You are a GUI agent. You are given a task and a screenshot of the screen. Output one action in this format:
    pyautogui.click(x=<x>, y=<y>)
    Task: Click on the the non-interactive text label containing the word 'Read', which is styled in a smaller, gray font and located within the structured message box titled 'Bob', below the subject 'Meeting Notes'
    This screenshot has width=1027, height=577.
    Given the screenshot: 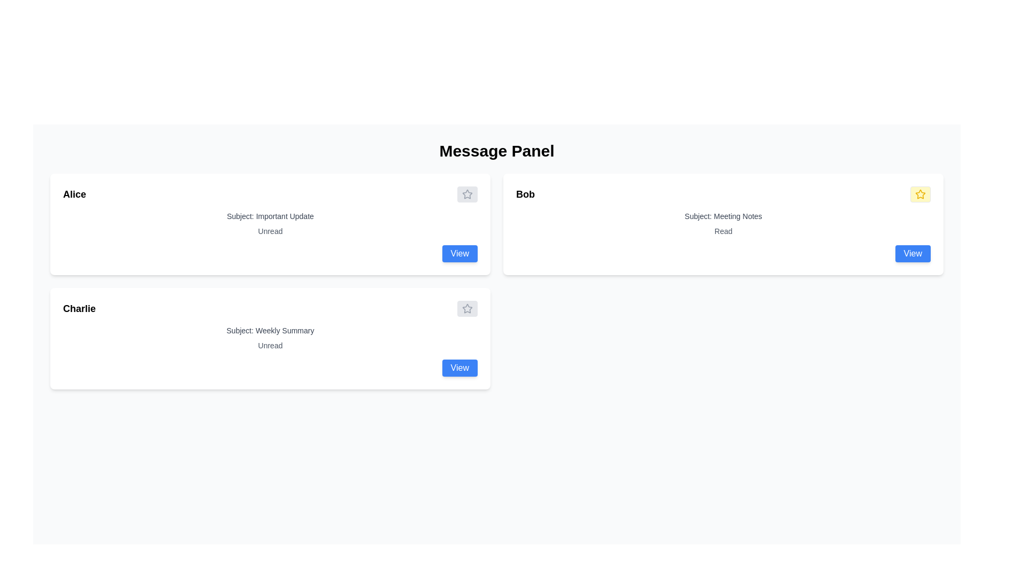 What is the action you would take?
    pyautogui.click(x=723, y=230)
    